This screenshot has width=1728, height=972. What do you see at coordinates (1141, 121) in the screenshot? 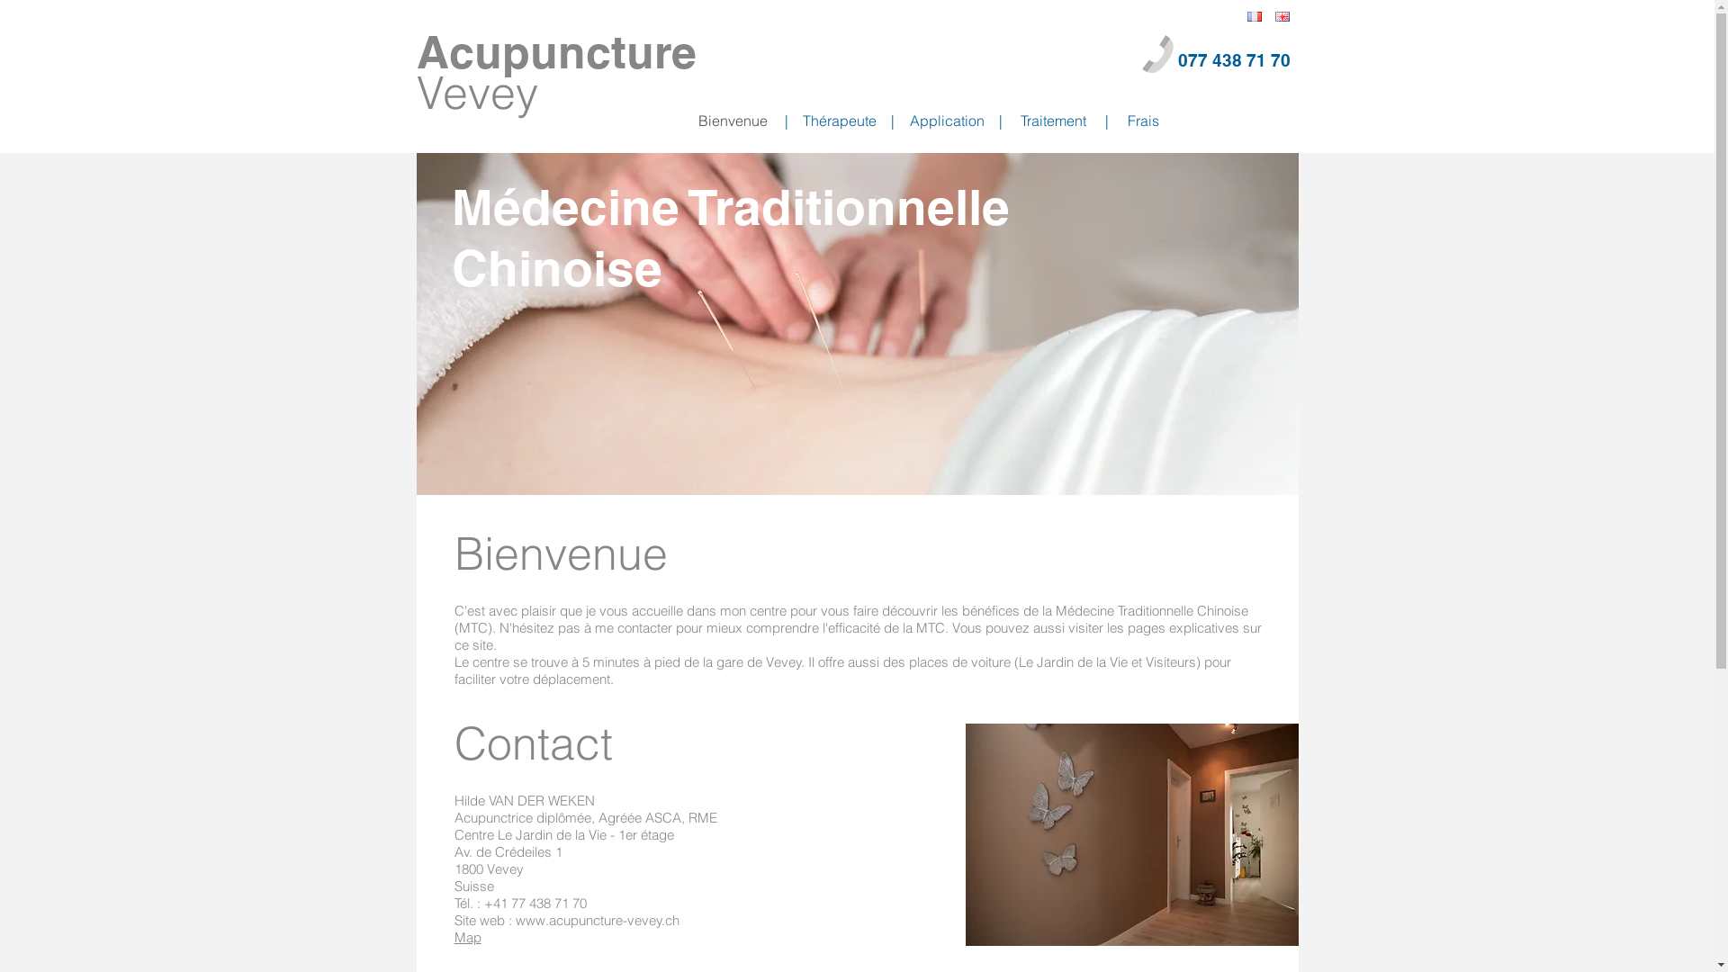
I see `'Frais'` at bounding box center [1141, 121].